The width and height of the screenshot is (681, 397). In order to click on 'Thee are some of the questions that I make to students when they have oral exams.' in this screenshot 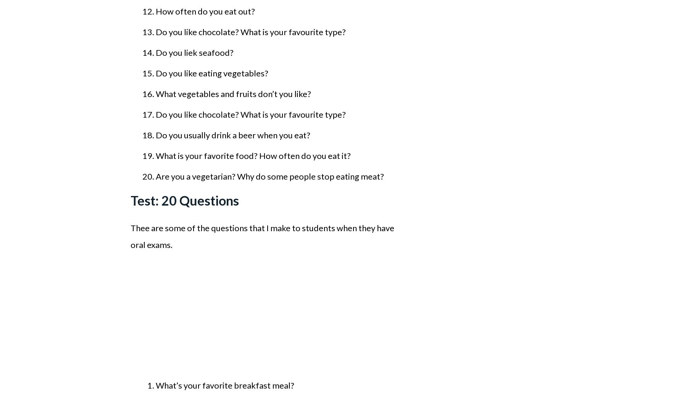, I will do `click(130, 236)`.